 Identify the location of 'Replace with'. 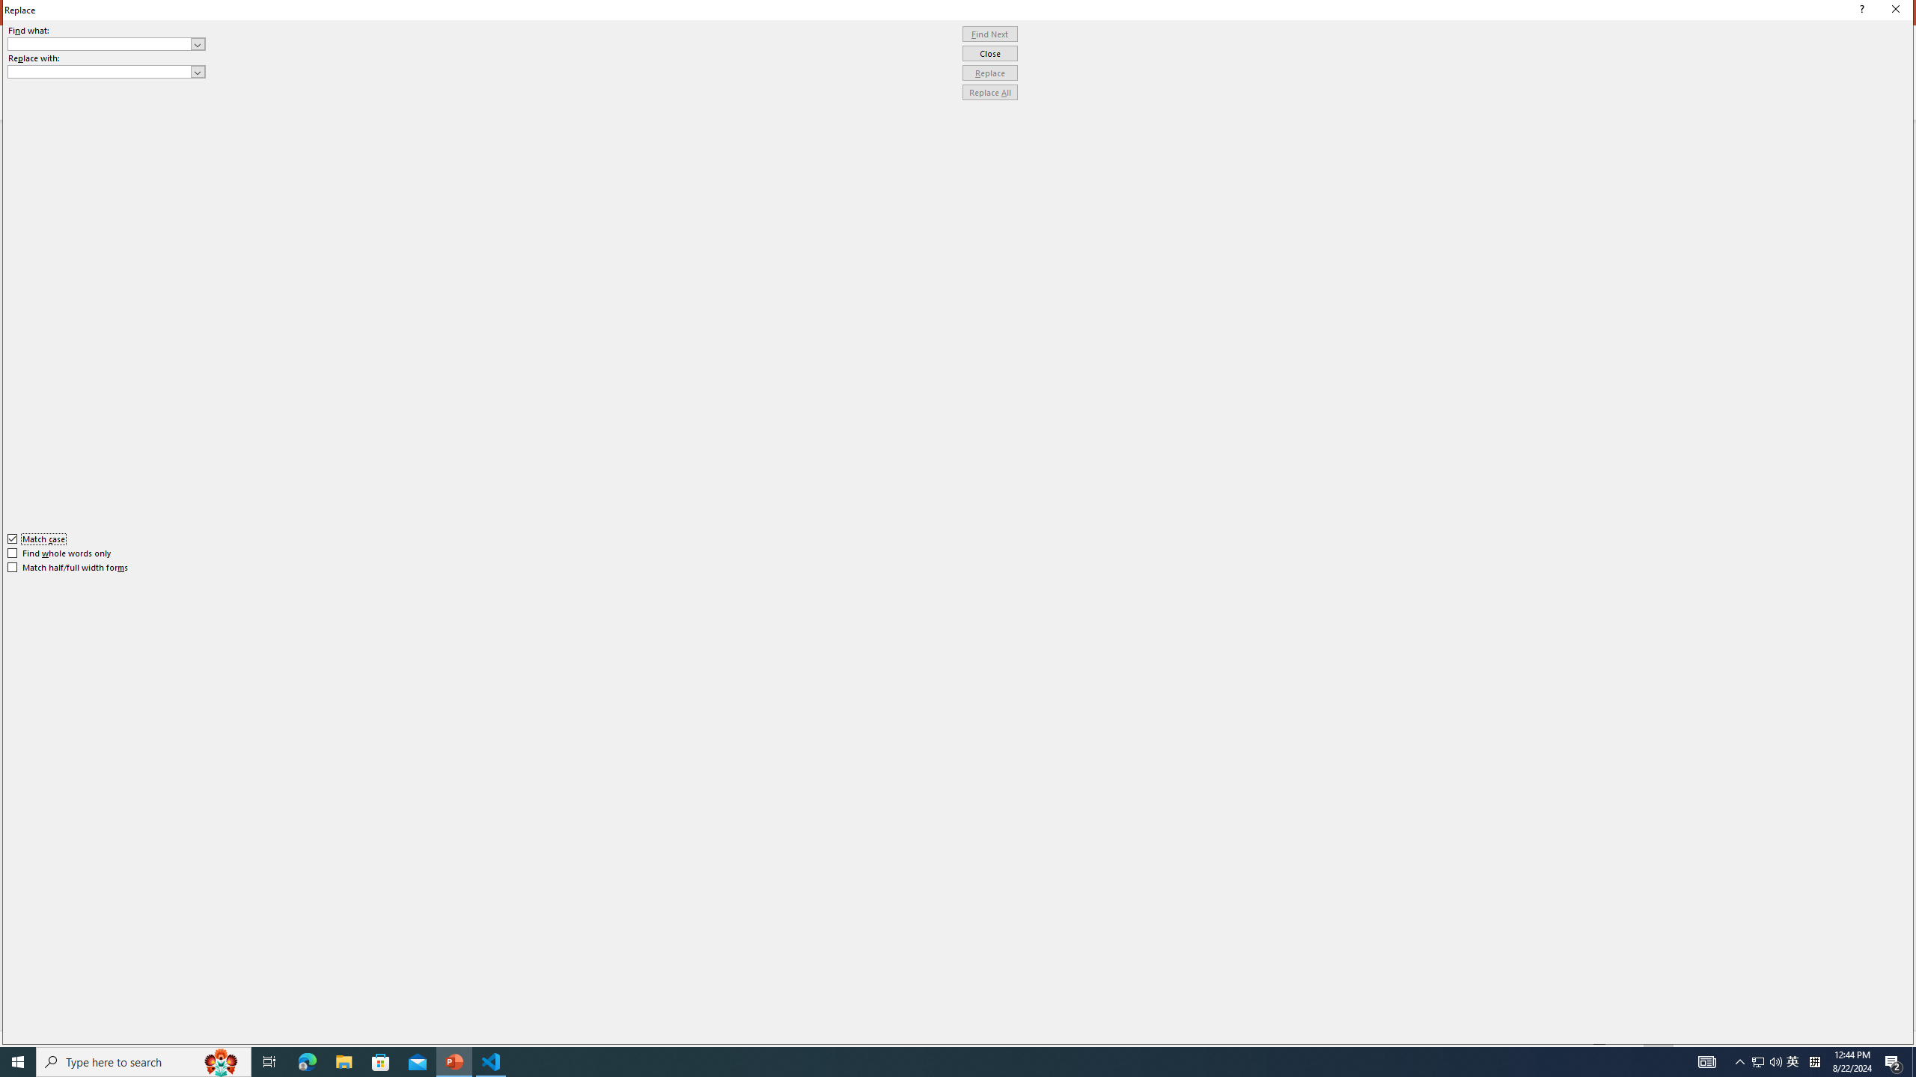
(100, 71).